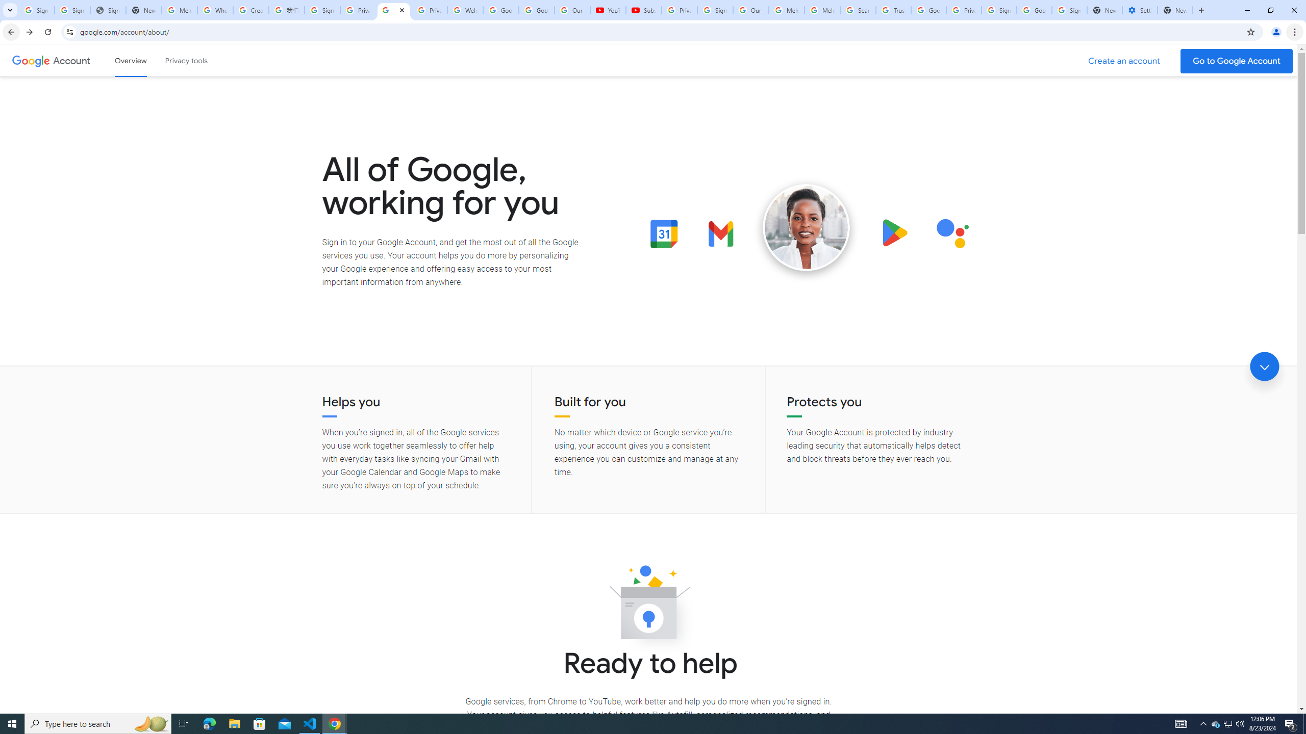 The height and width of the screenshot is (734, 1306). I want to click on 'Google logo', so click(31, 60).